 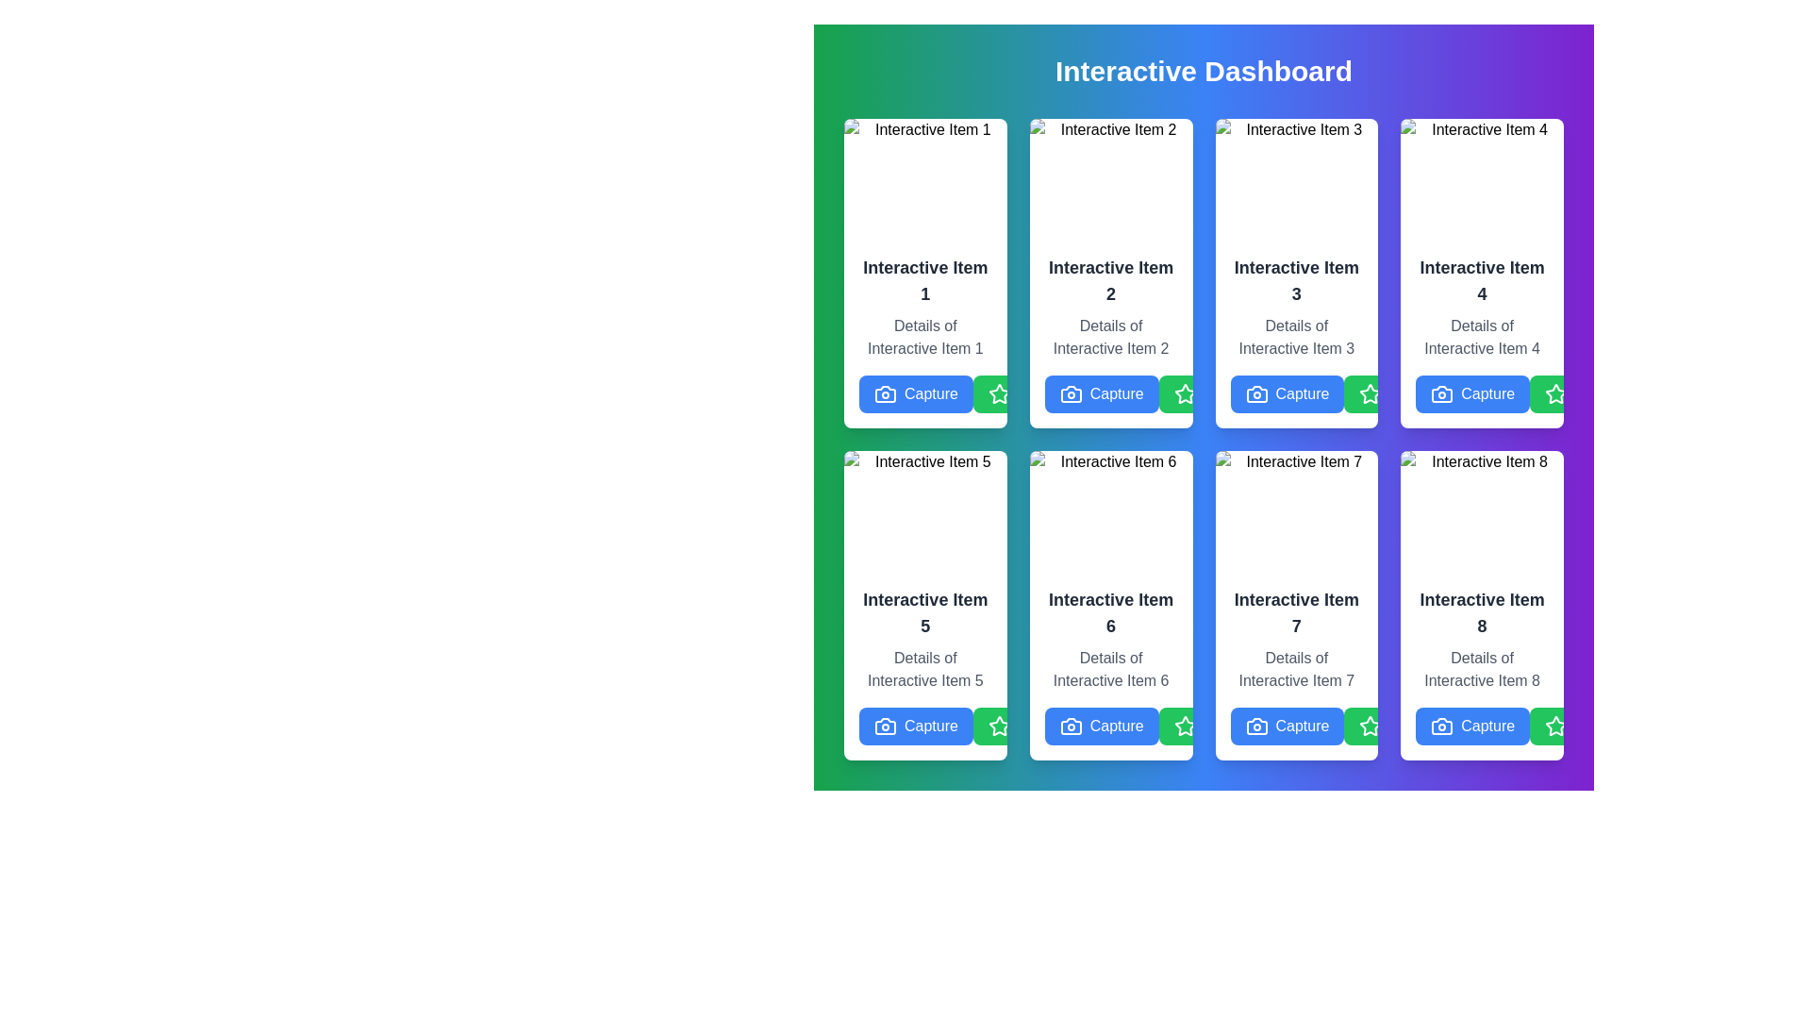 I want to click on the star icon located to the left of the green 'Favorite' button to mark the associated item as a favorite, so click(x=1371, y=393).